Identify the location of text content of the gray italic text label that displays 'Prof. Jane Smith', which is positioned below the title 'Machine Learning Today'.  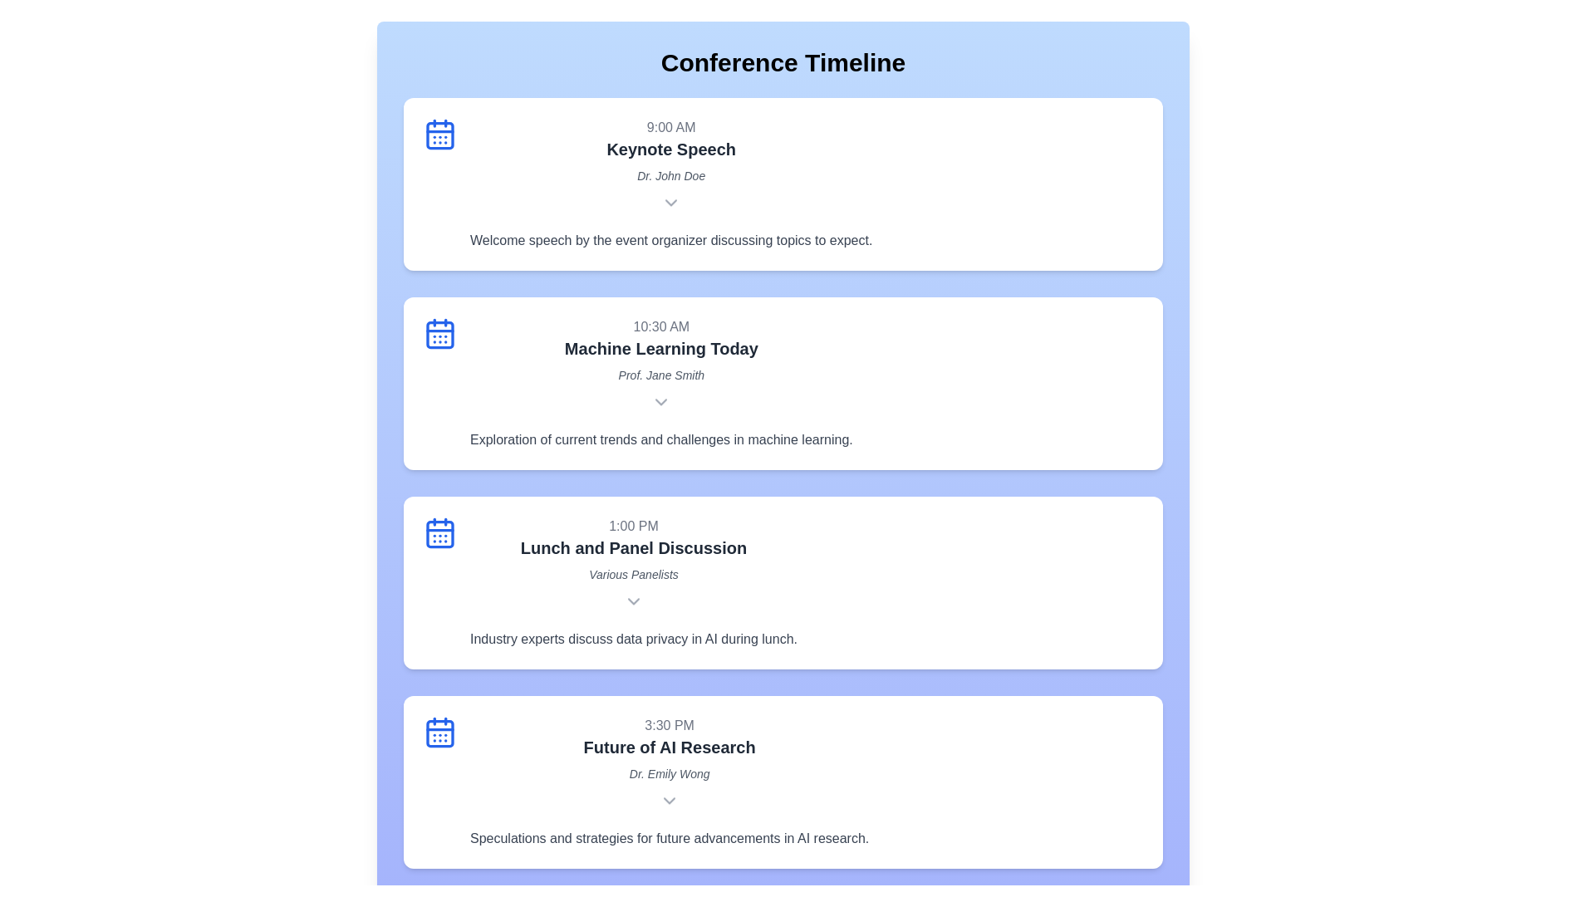
(660, 375).